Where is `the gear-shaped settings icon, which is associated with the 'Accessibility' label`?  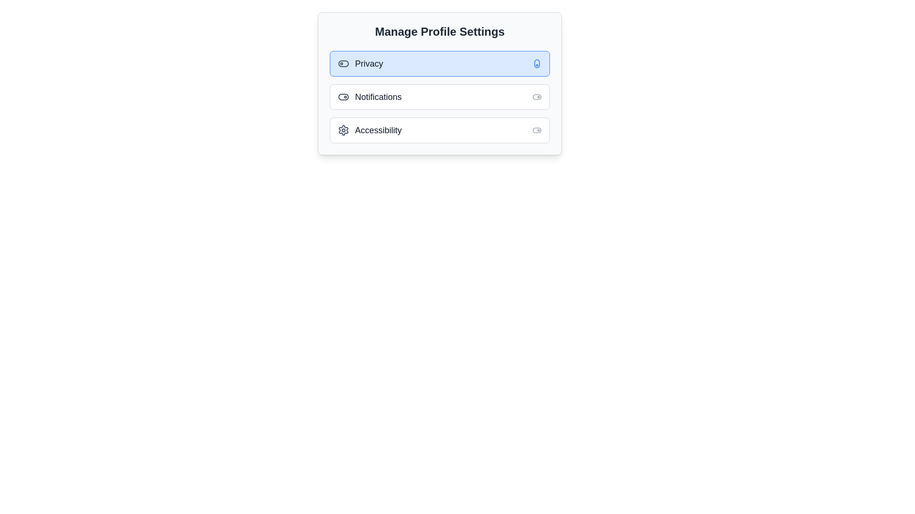
the gear-shaped settings icon, which is associated with the 'Accessibility' label is located at coordinates (343, 130).